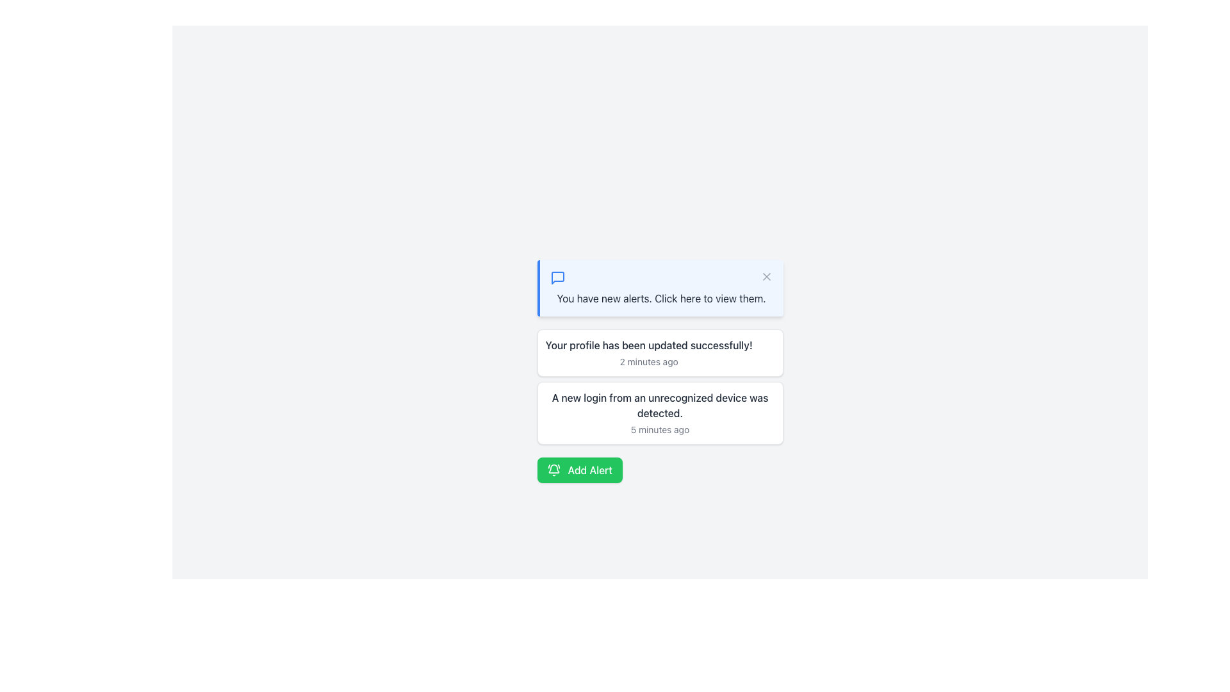 The image size is (1230, 692). Describe the element at coordinates (660, 353) in the screenshot. I see `the Notification card that indicates a successful profile update, which is the first card in the stacked notifications` at that location.